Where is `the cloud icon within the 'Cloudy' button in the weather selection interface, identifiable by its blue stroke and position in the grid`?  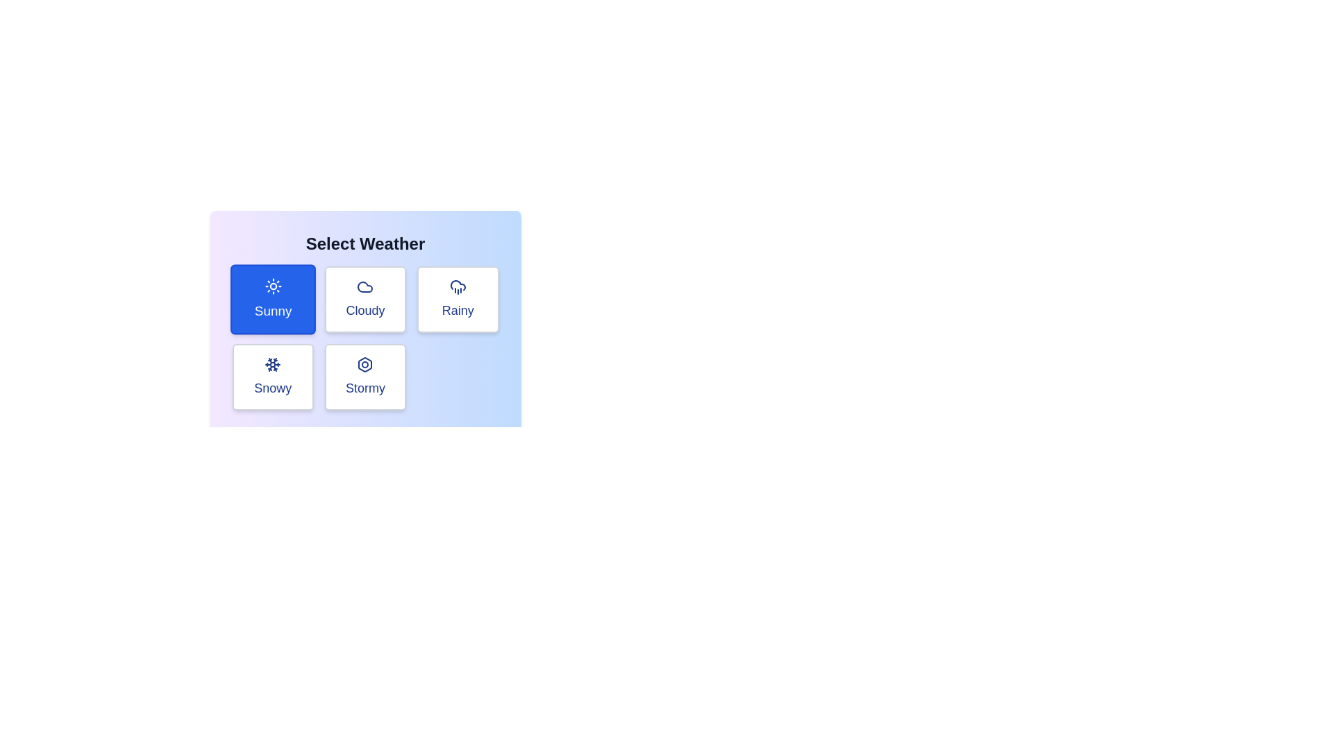 the cloud icon within the 'Cloudy' button in the weather selection interface, identifiable by its blue stroke and position in the grid is located at coordinates (365, 286).